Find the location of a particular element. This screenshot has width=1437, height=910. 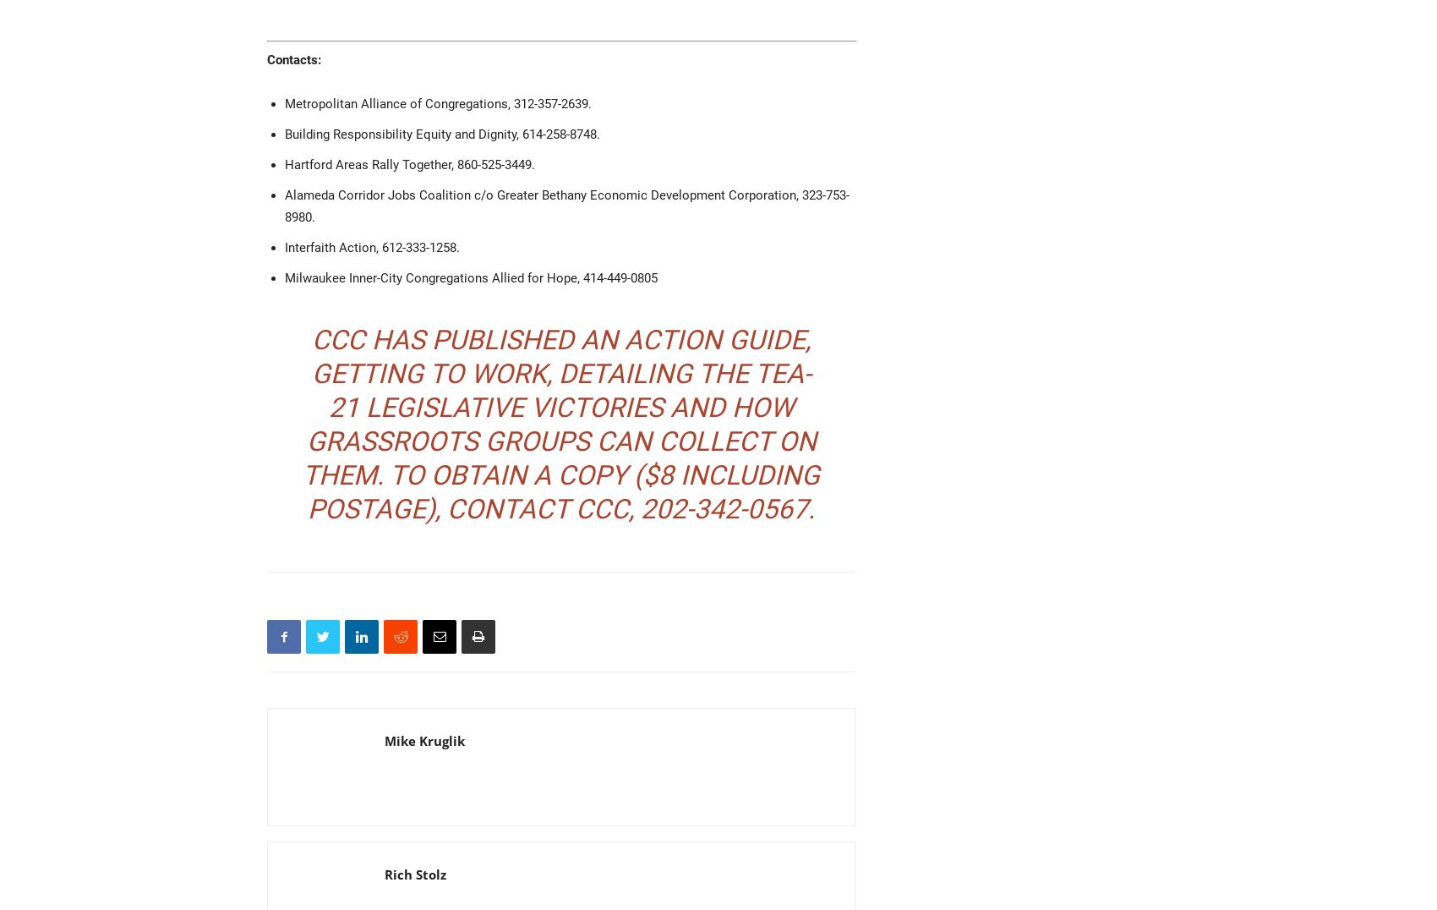

'Metropolitan Alliance of Congregations, 312-357-2639.' is located at coordinates (438, 102).